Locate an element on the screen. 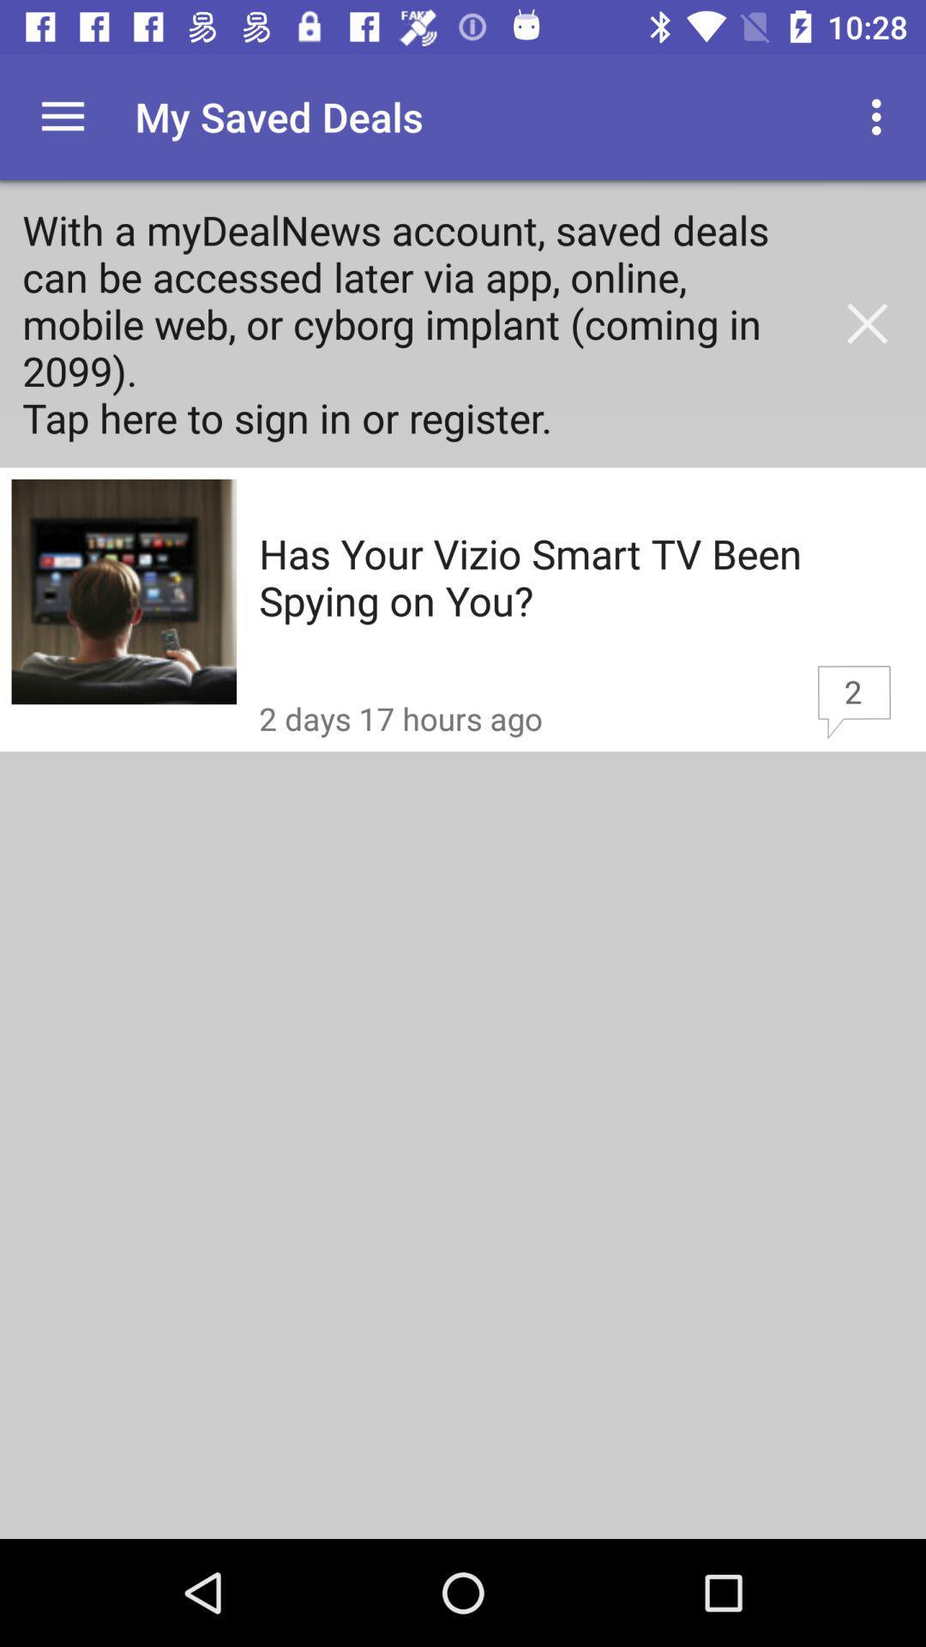 This screenshot has width=926, height=1647. the close icon is located at coordinates (867, 323).